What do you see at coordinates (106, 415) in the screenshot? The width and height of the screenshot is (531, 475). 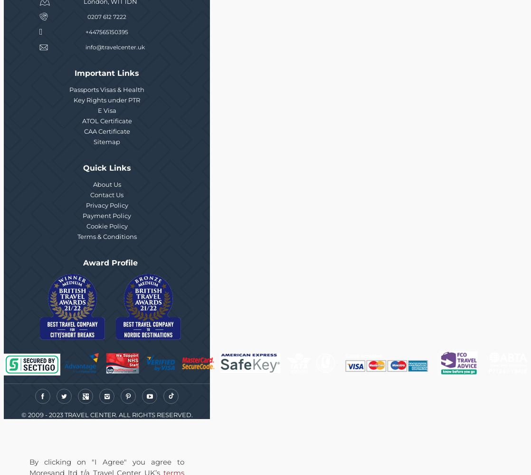 I see `'© 2009 - 2023 Travel Center. All Rights Reserved.'` at bounding box center [106, 415].